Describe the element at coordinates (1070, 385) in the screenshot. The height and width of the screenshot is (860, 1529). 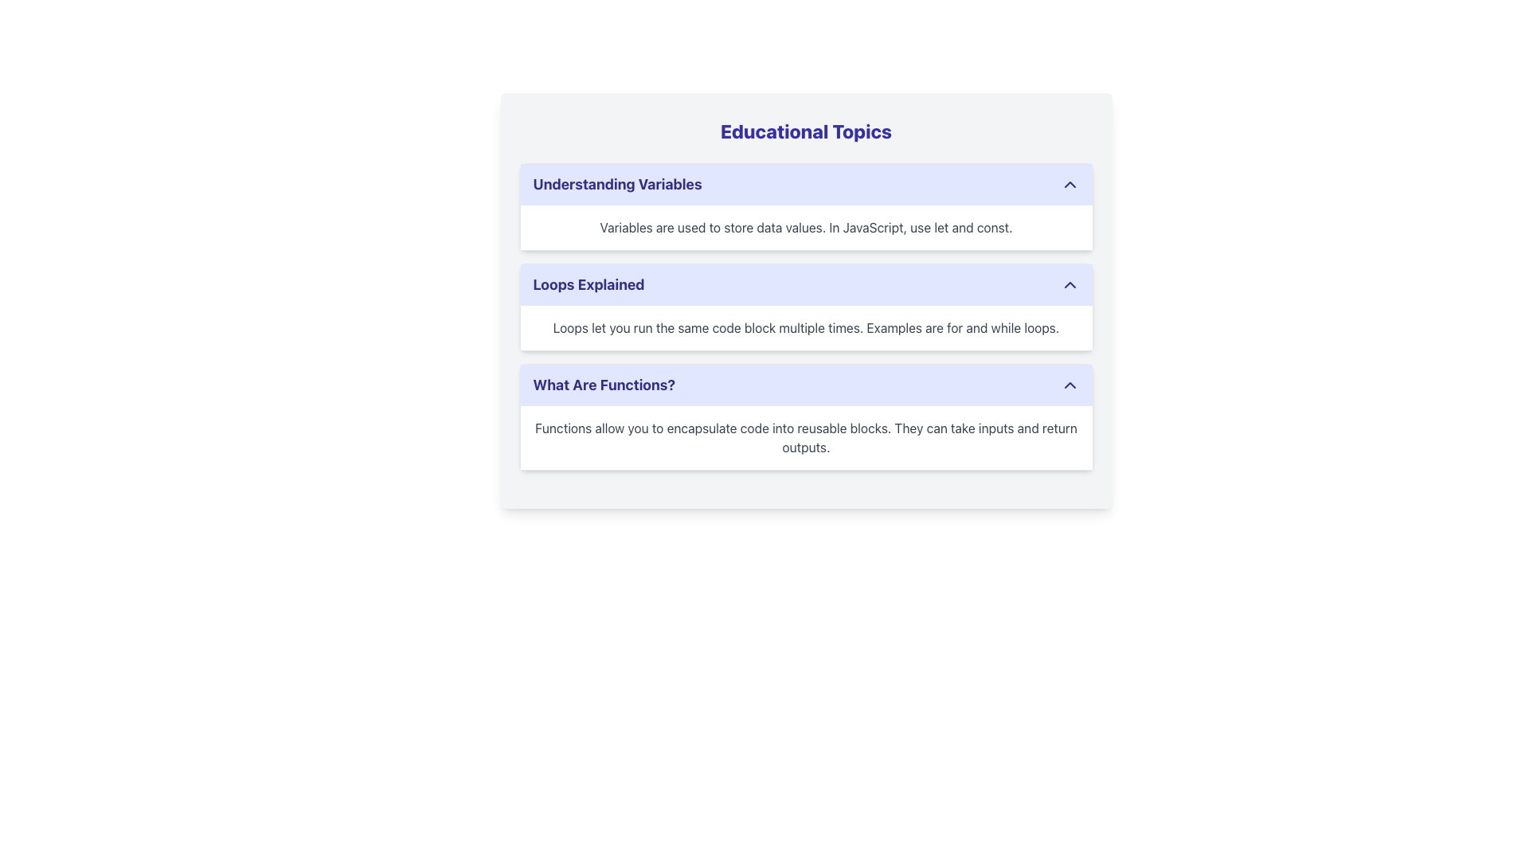
I see `the chevron-up icon, which is a dark indigo upward-pointing arrow located on the far-right side of the 'What Are Functions?' entry` at that location.